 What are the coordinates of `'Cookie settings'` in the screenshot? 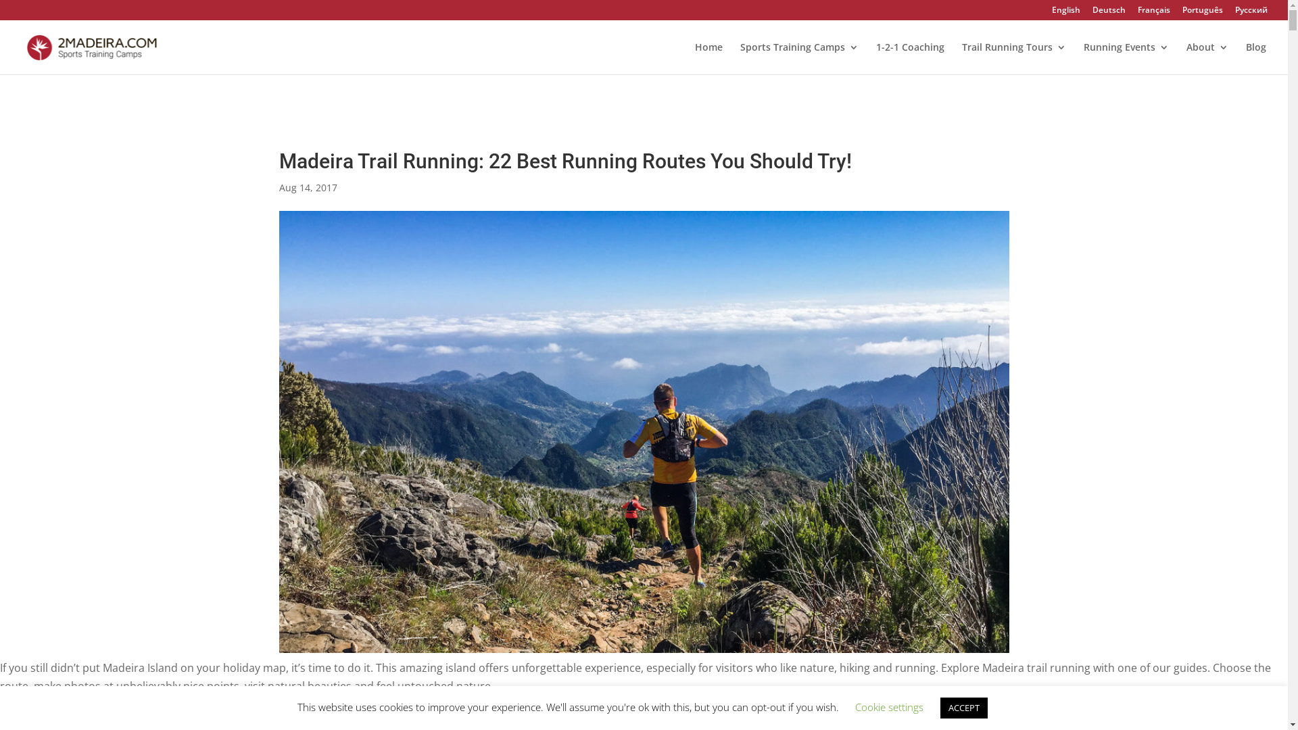 It's located at (888, 706).